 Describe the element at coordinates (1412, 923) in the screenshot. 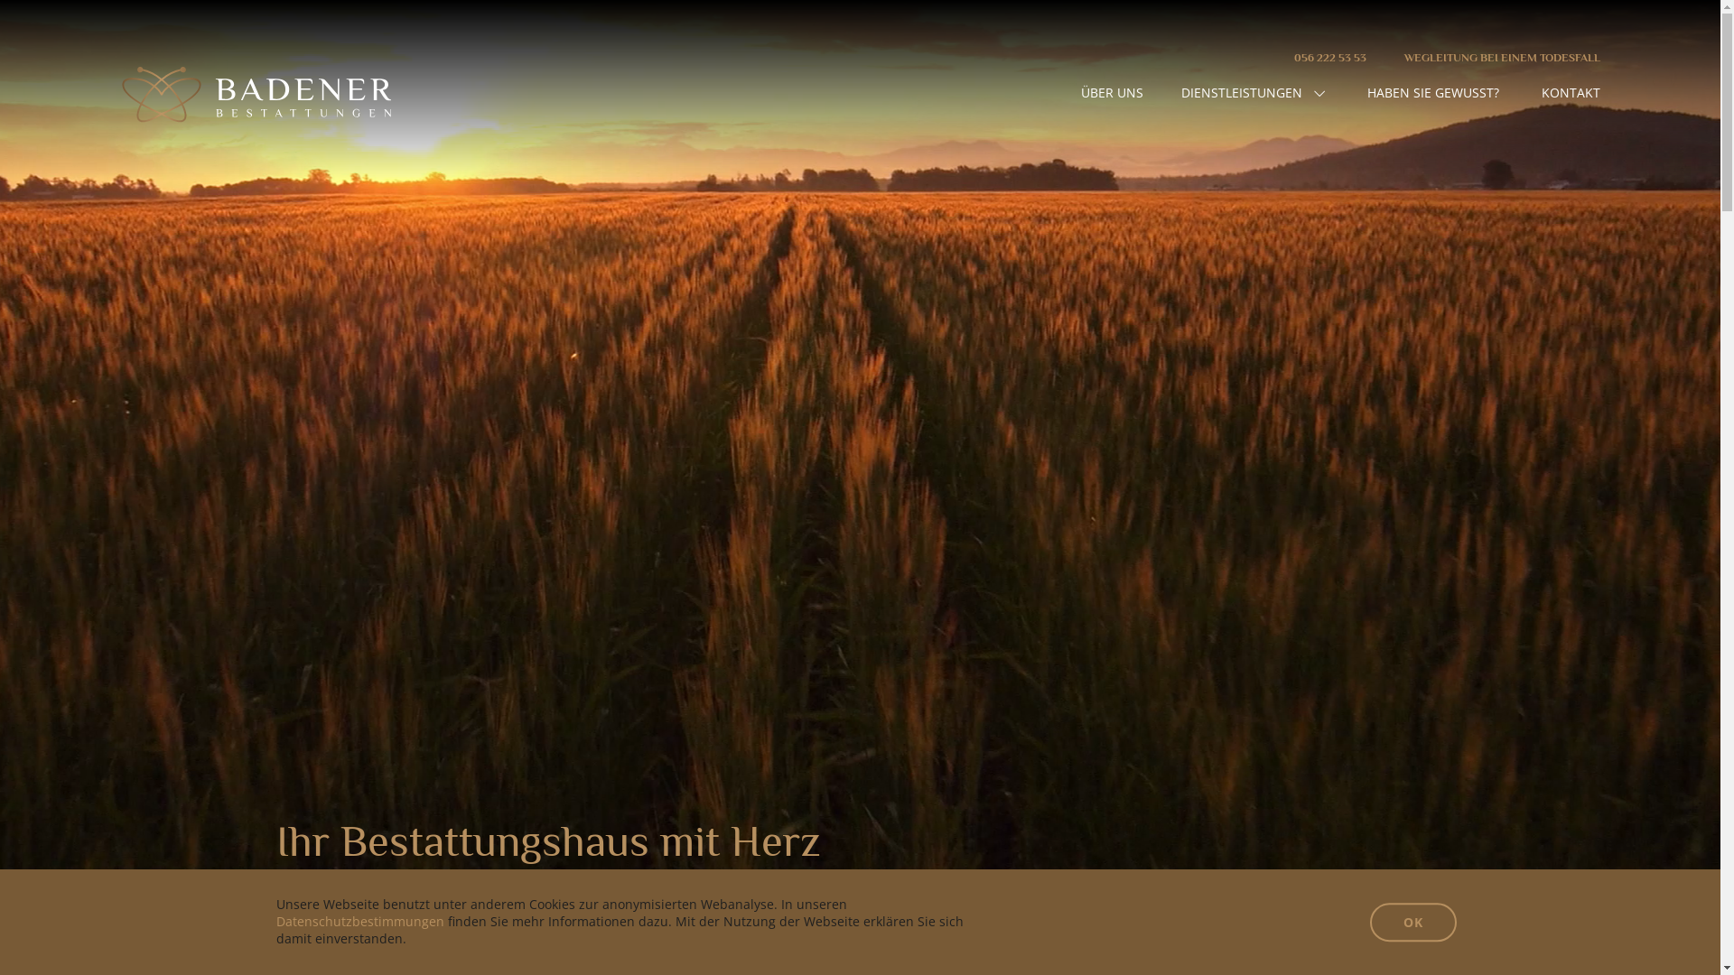

I see `'OK'` at that location.